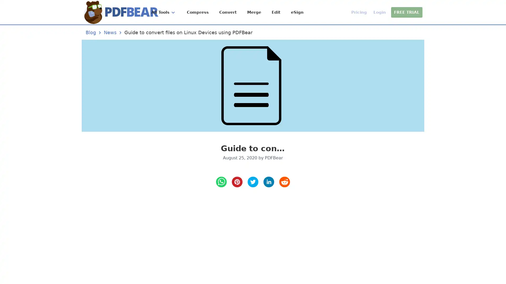 This screenshot has width=506, height=284. Describe the element at coordinates (237, 181) in the screenshot. I see `pinterest` at that location.